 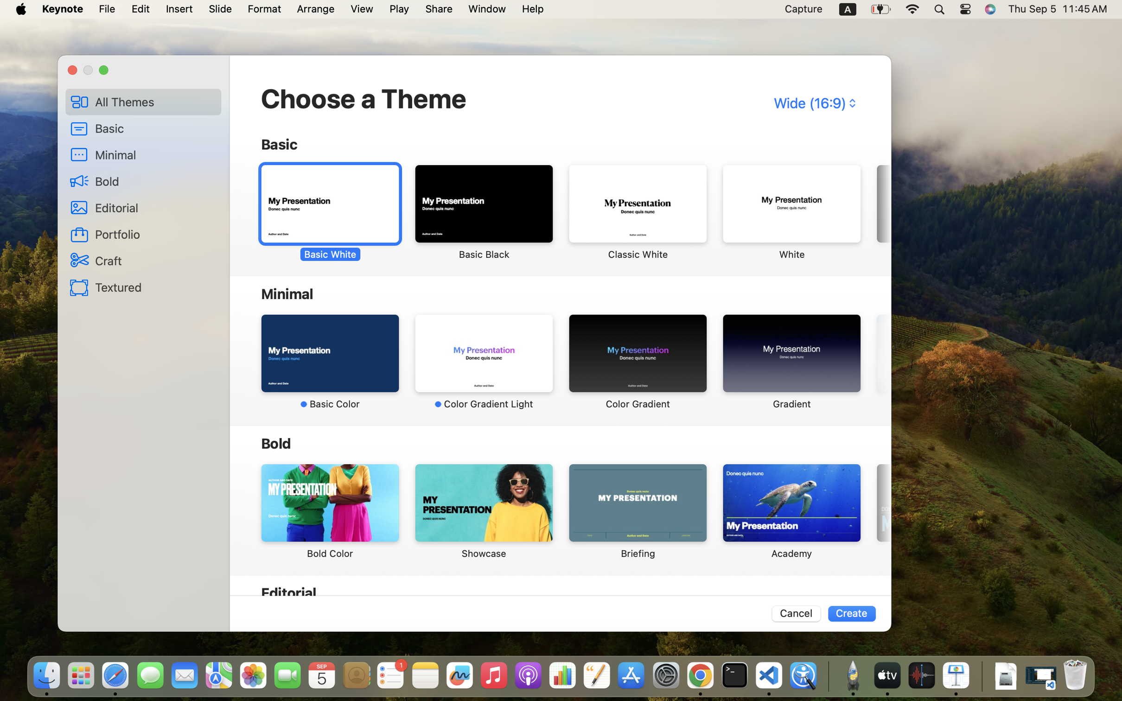 I want to click on 'Minimal', so click(x=155, y=154).